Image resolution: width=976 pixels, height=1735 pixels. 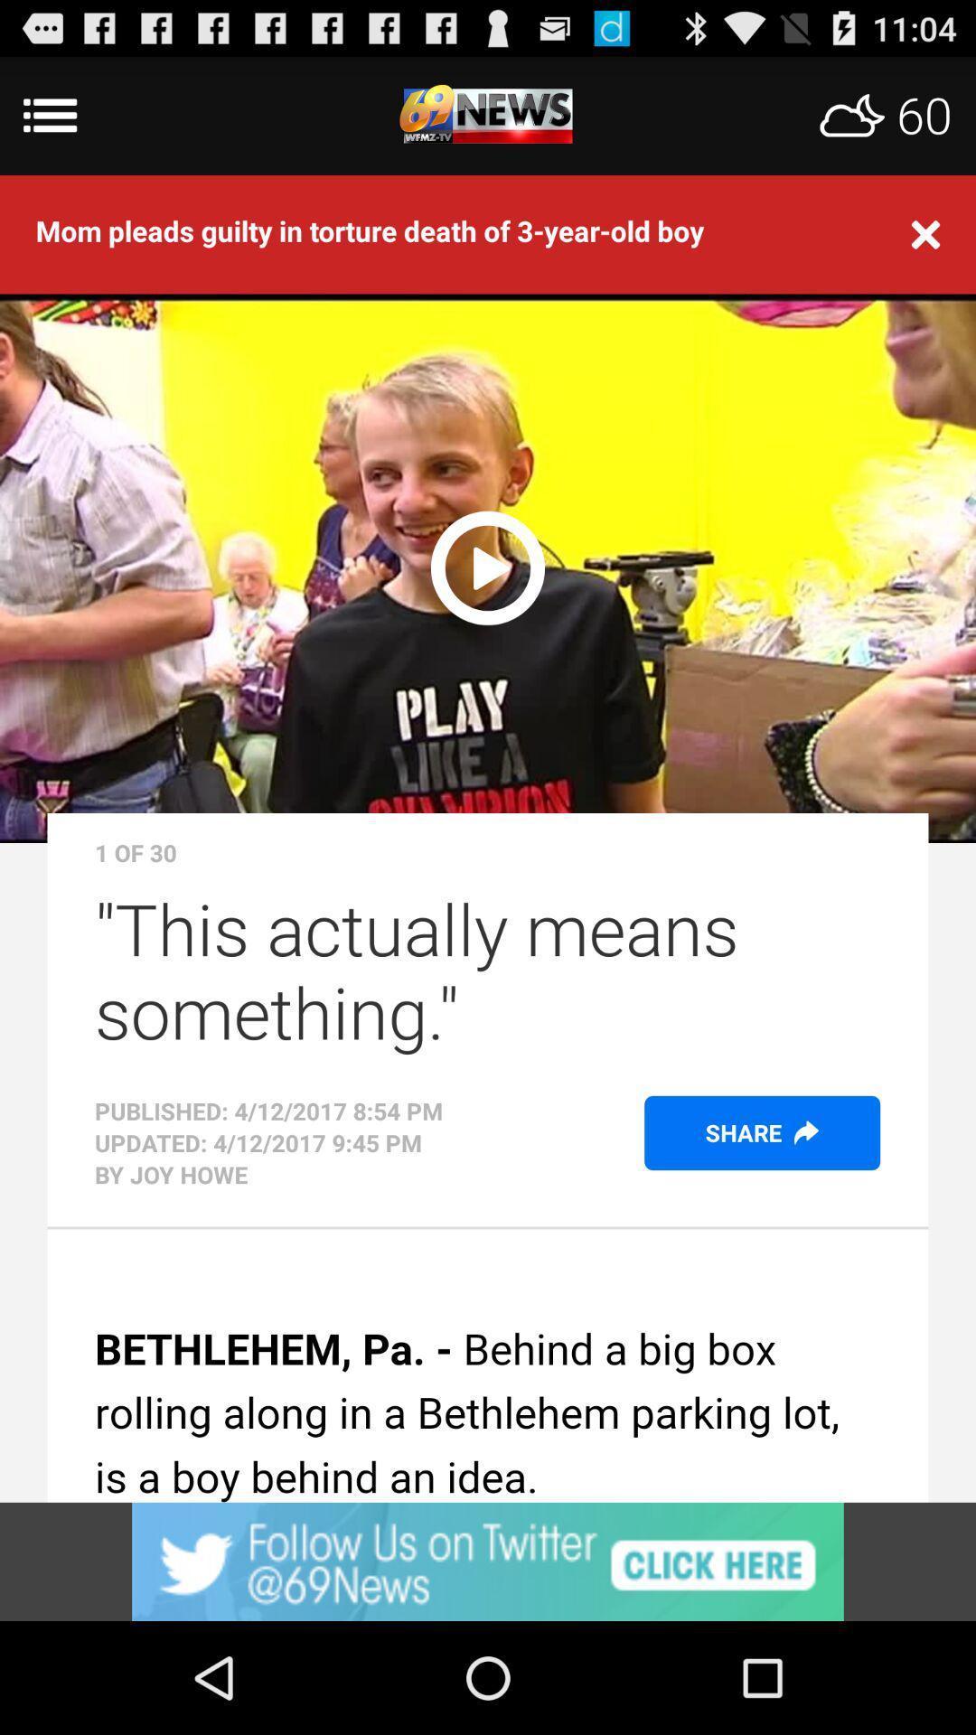 What do you see at coordinates (488, 564) in the screenshot?
I see `video panel` at bounding box center [488, 564].